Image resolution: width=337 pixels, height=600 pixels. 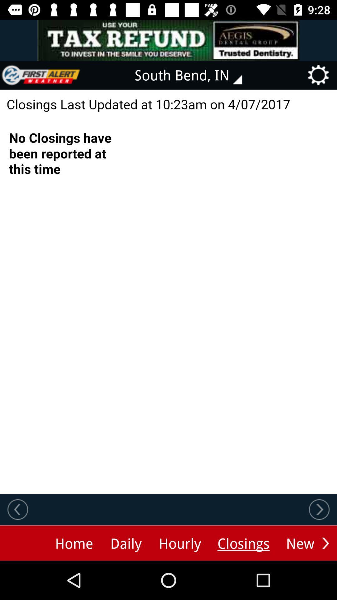 What do you see at coordinates (168, 40) in the screenshot?
I see `open advertisement` at bounding box center [168, 40].